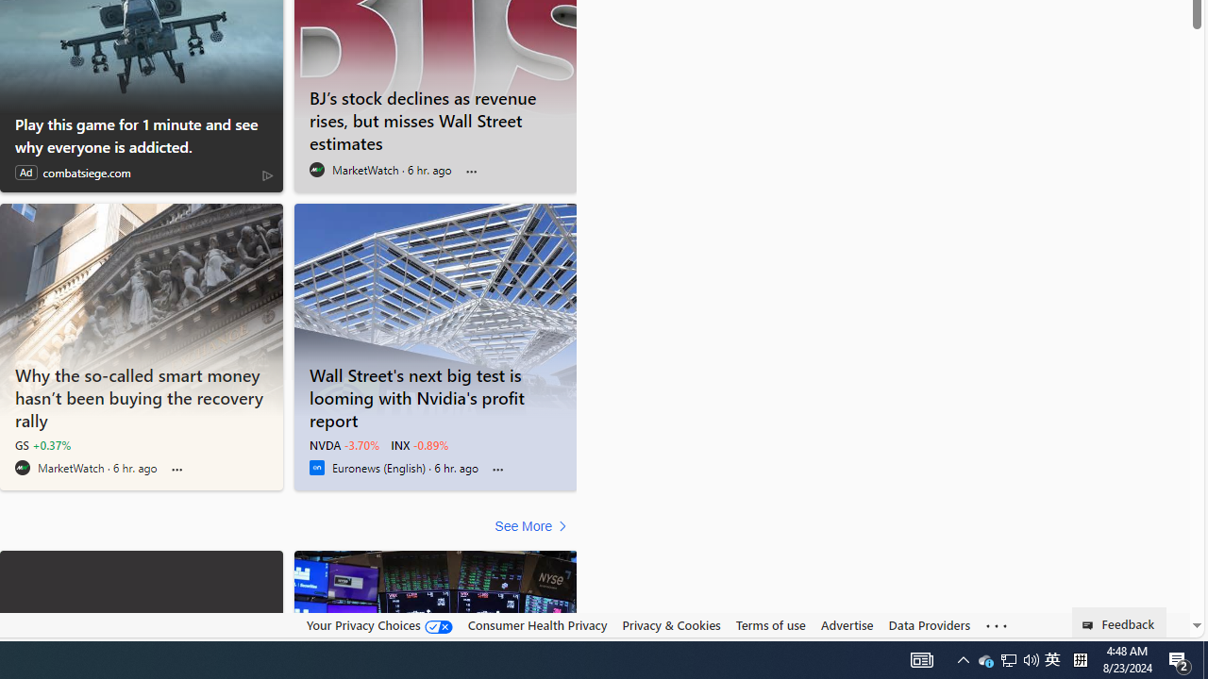  What do you see at coordinates (418, 444) in the screenshot?
I see `'INX -0.89%'` at bounding box center [418, 444].